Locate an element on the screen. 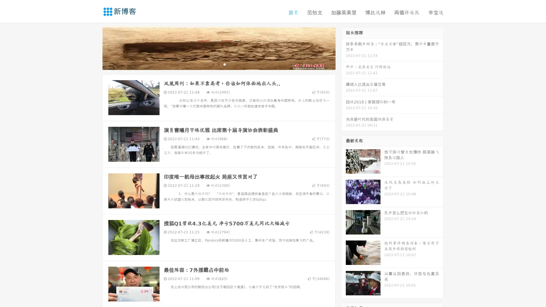  Next slide is located at coordinates (344, 48).